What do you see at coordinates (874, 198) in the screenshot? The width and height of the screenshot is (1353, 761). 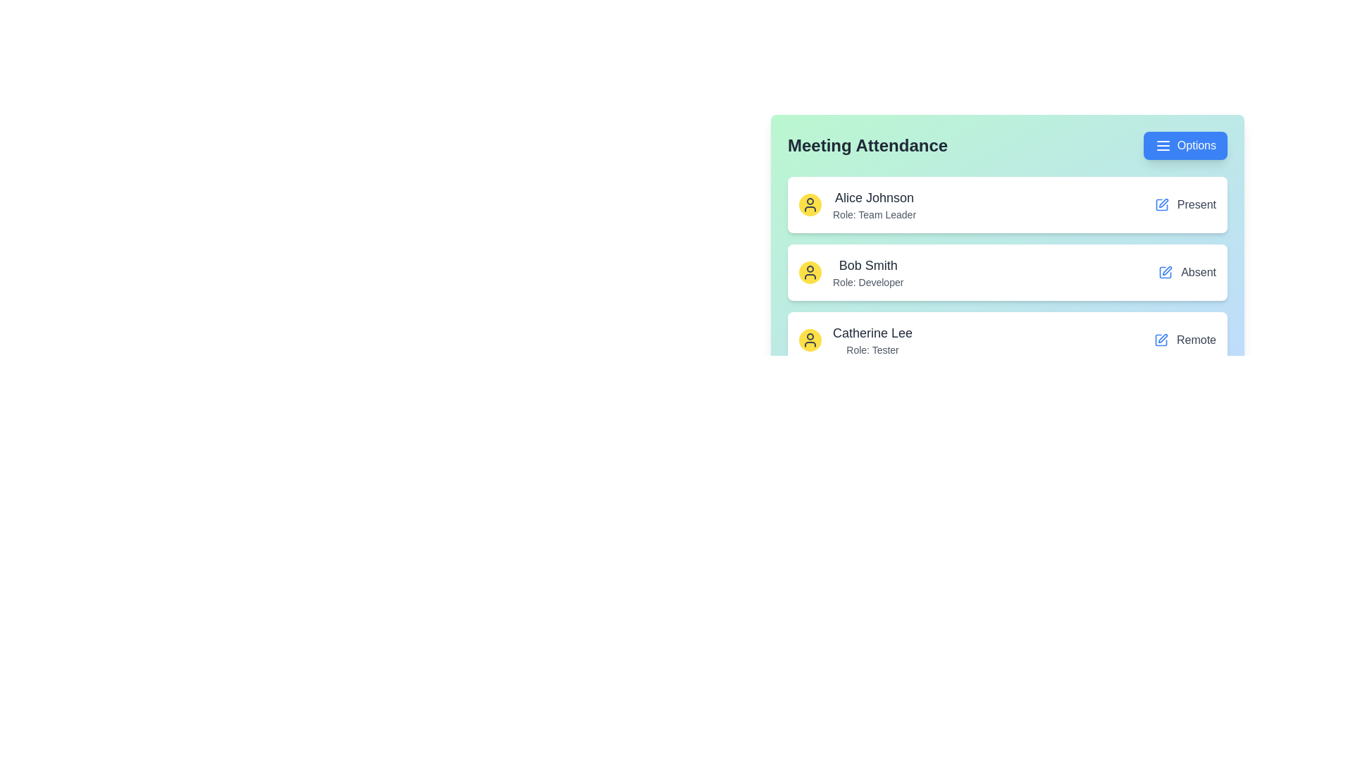 I see `the non-interactive text label displaying 'Alice Johnson' which identifies the individual associated with the information in the topmost card under the 'Meeting Attendance' title` at bounding box center [874, 198].